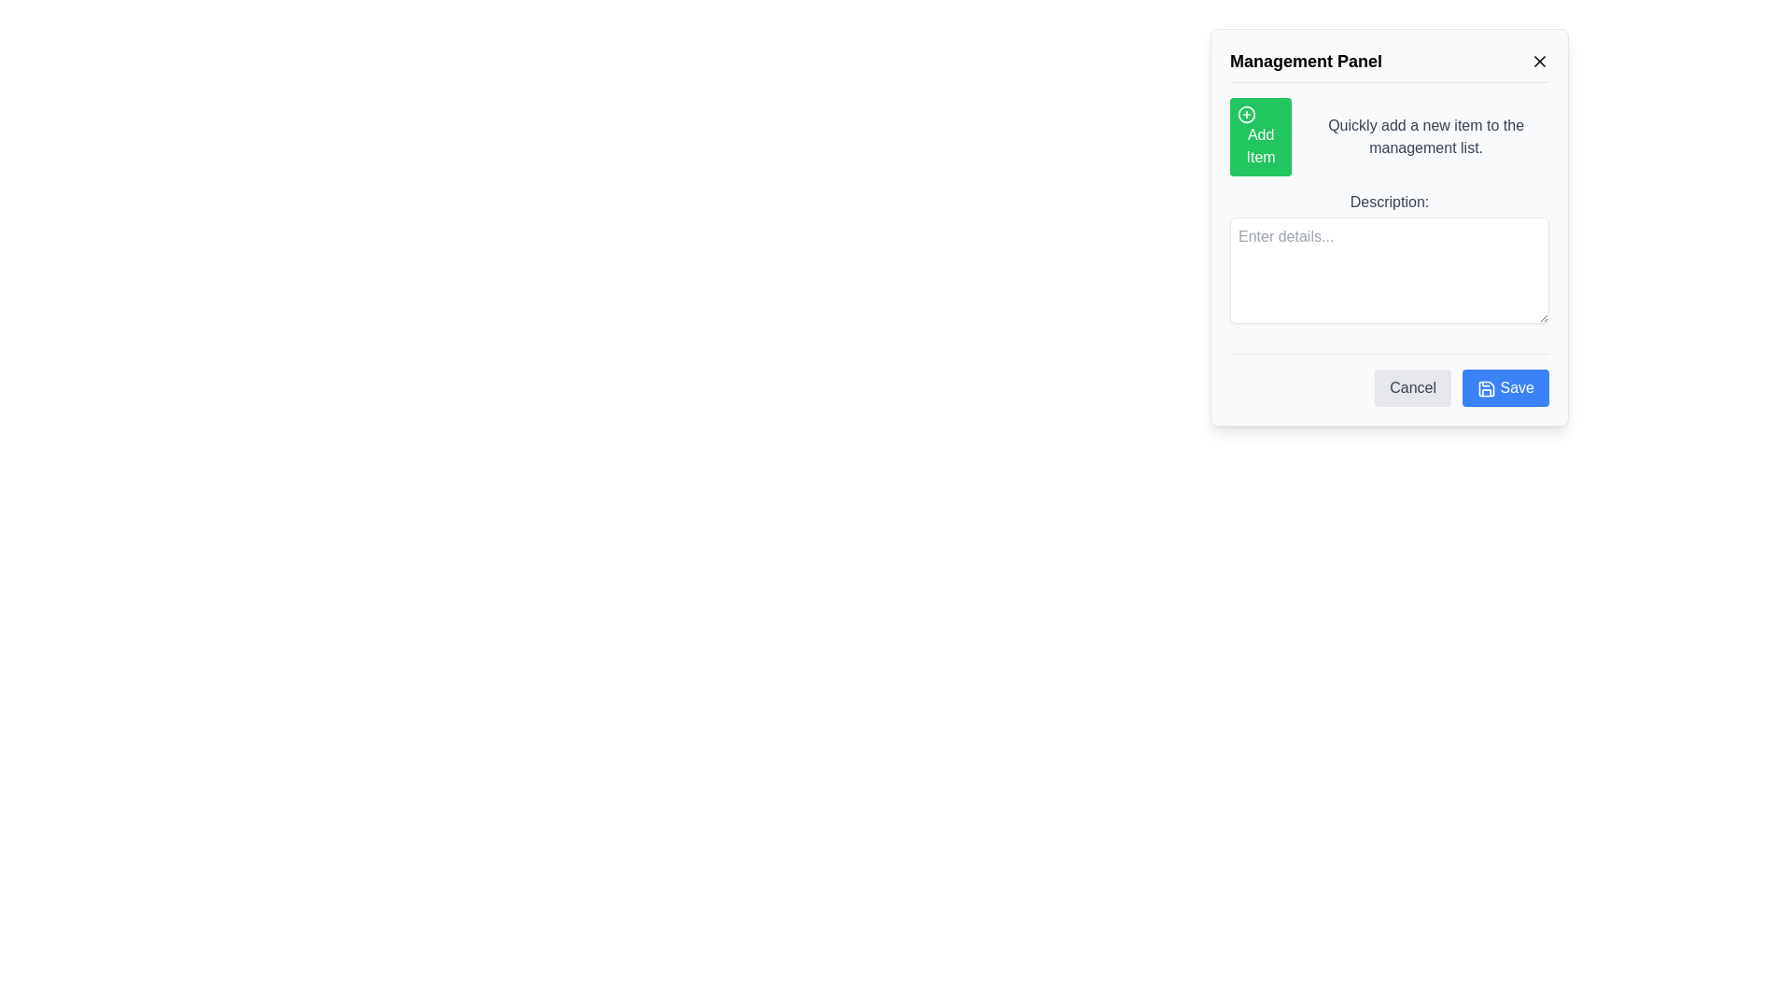 The width and height of the screenshot is (1792, 1008). What do you see at coordinates (1540, 60) in the screenshot?
I see `the close button located in the top-right corner of the Management Panel dialog, adjacent to the title text labeled 'Management Panel'` at bounding box center [1540, 60].